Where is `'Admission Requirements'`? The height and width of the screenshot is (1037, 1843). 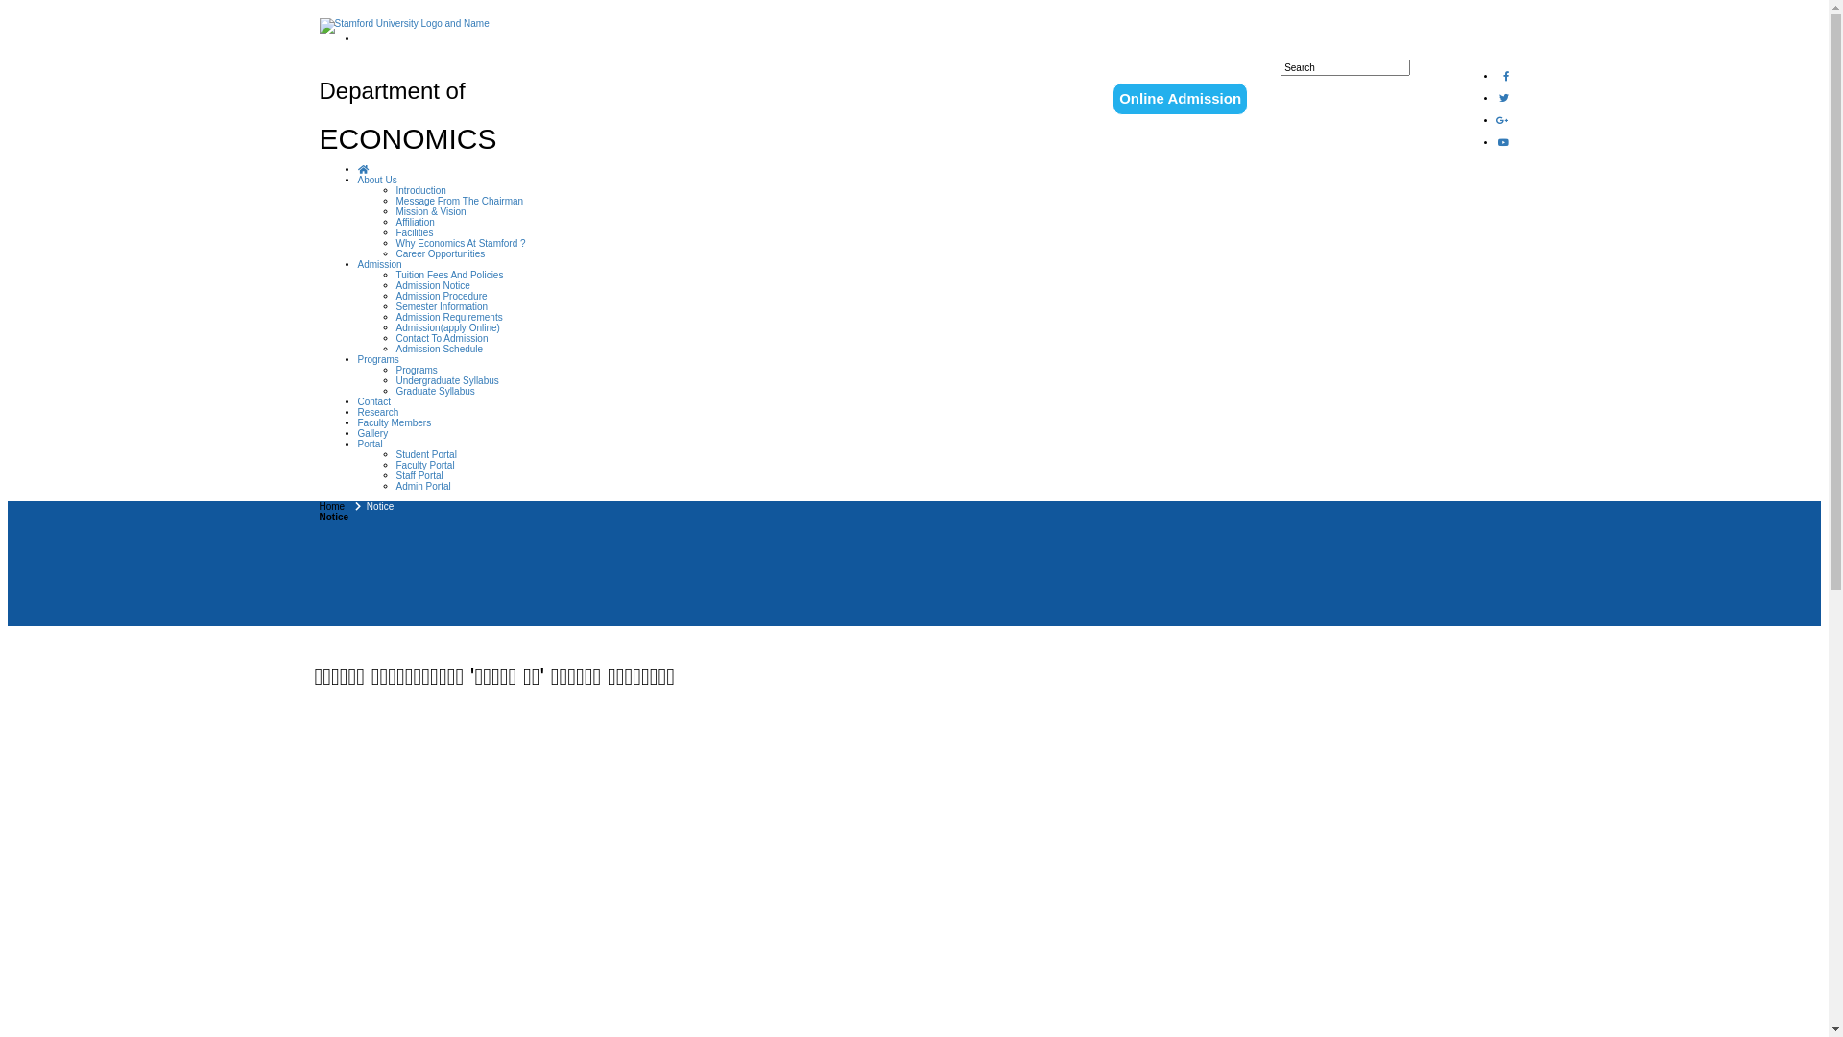 'Admission Requirements' is located at coordinates (395, 316).